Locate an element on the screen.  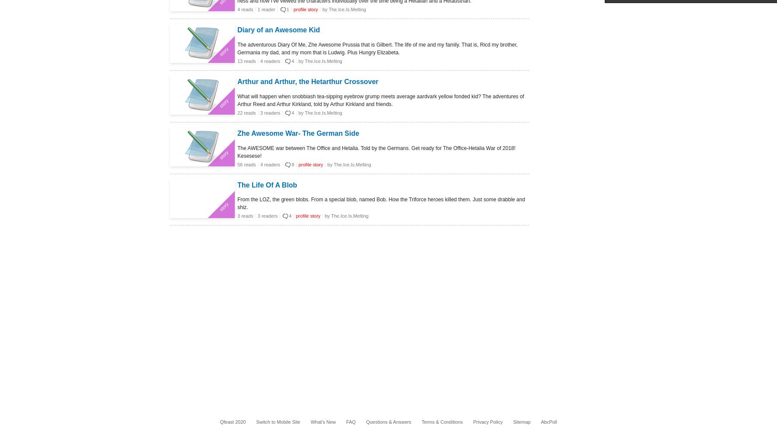
'1' is located at coordinates (286, 9).